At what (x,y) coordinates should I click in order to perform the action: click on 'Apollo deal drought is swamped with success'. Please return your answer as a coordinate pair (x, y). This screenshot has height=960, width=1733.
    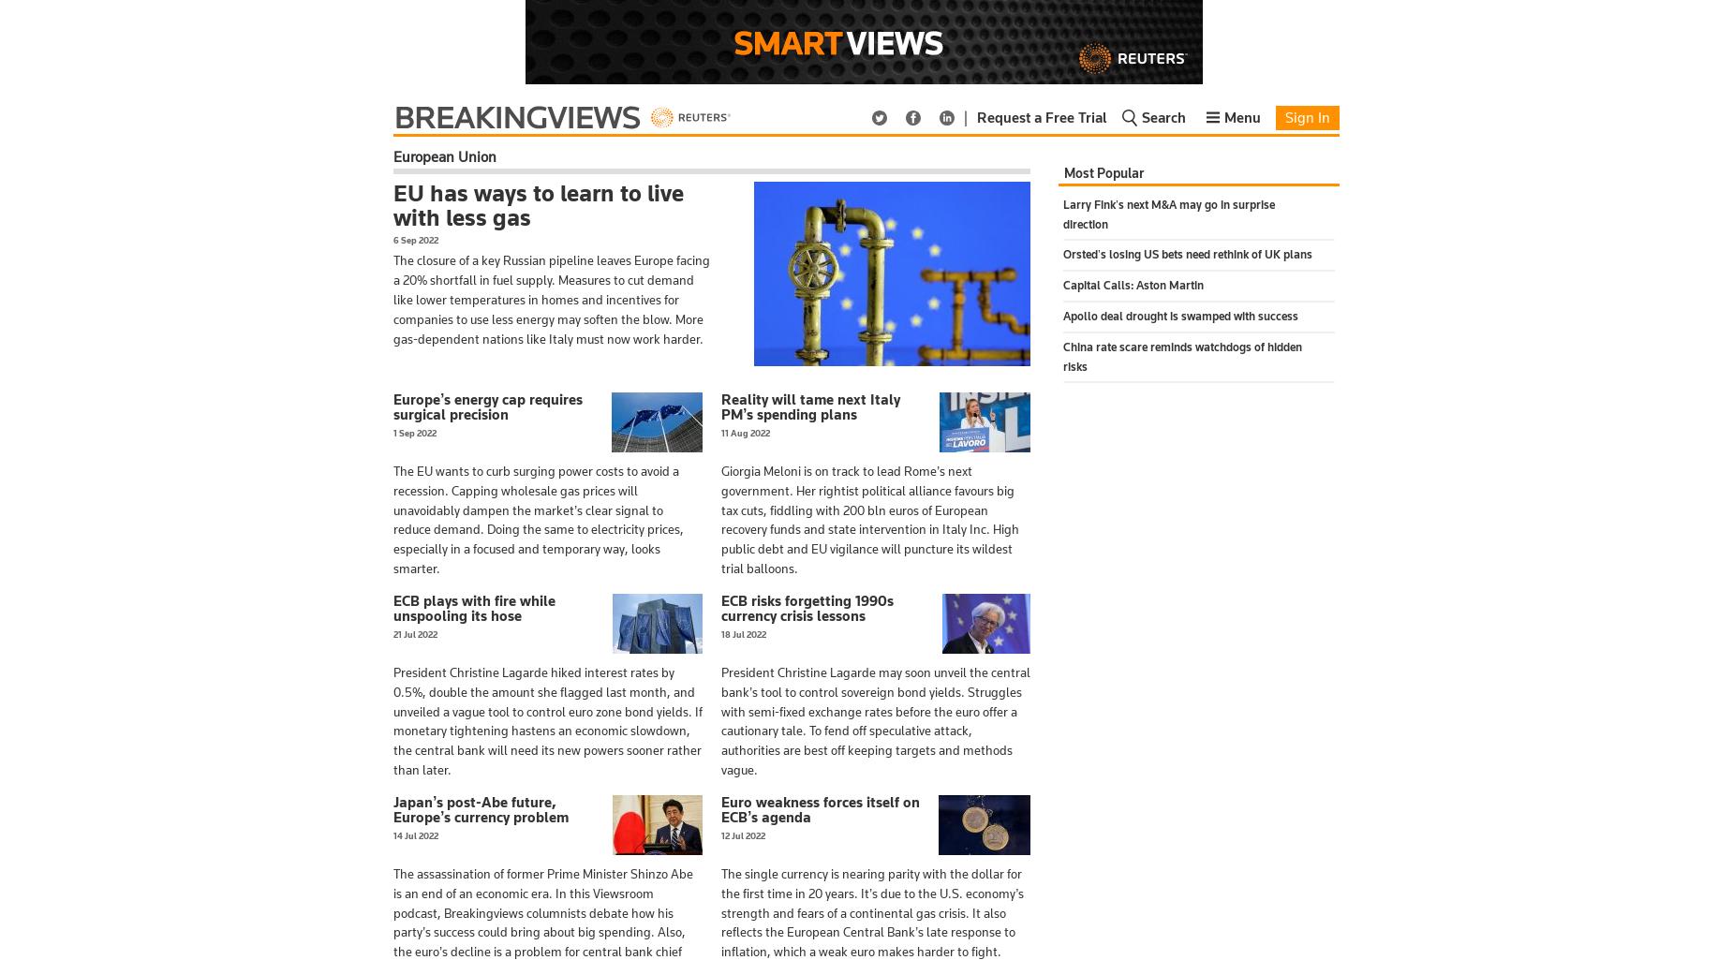
    Looking at the image, I should click on (1061, 314).